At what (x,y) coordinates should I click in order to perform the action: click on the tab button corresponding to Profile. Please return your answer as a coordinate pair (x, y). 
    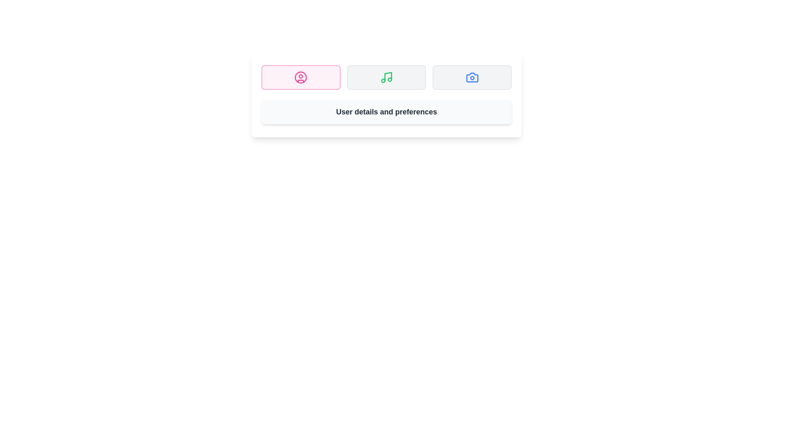
    Looking at the image, I should click on (300, 78).